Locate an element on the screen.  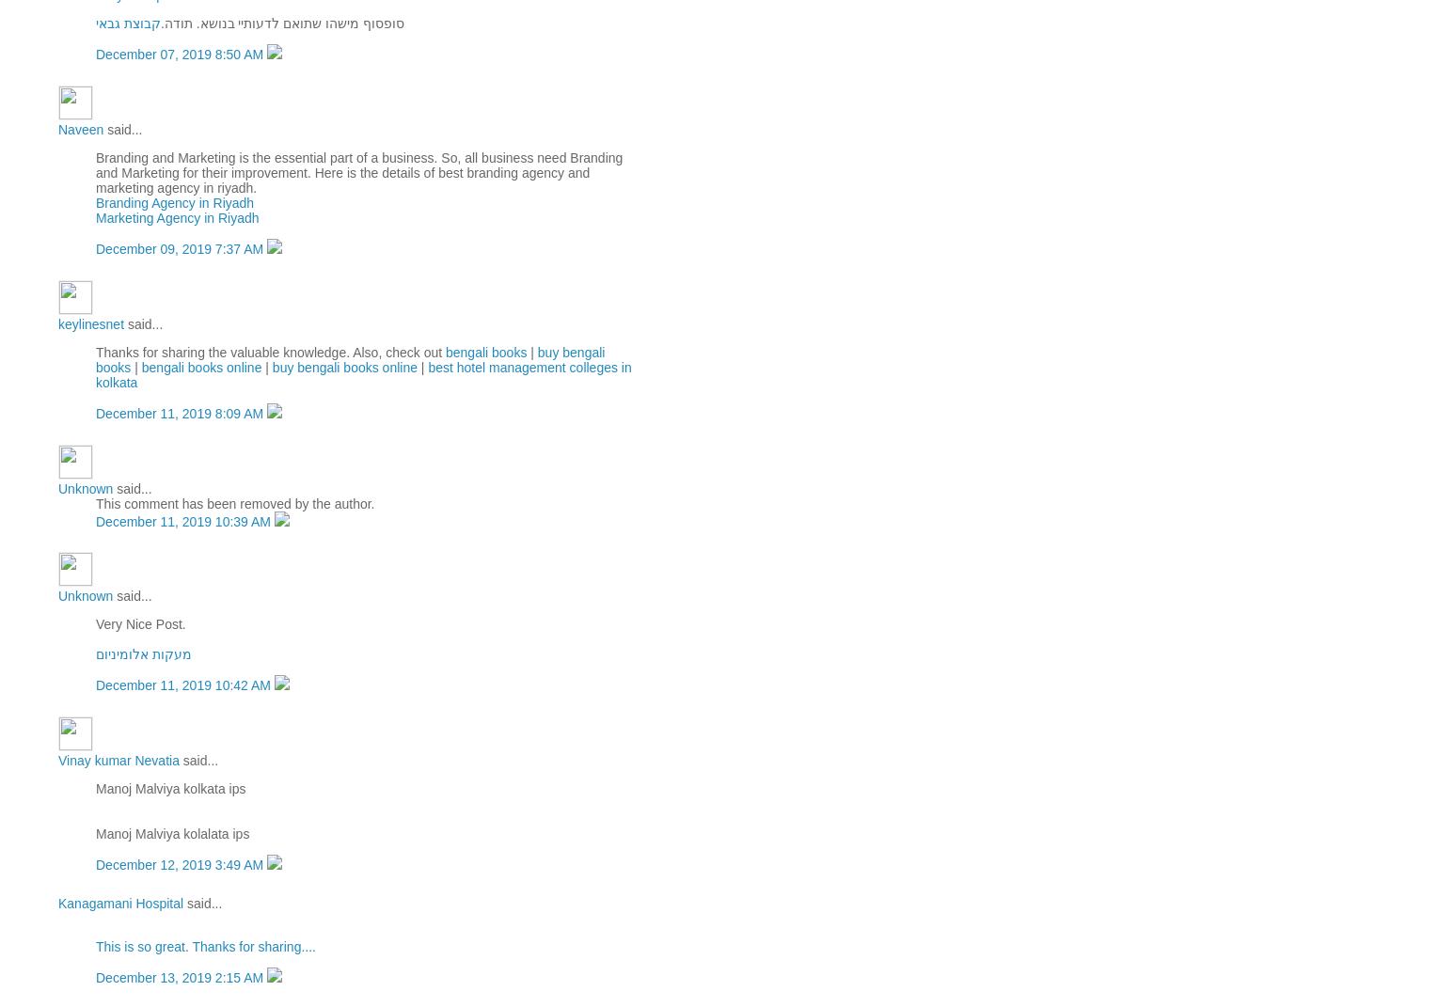
'This' is located at coordinates (106, 946).